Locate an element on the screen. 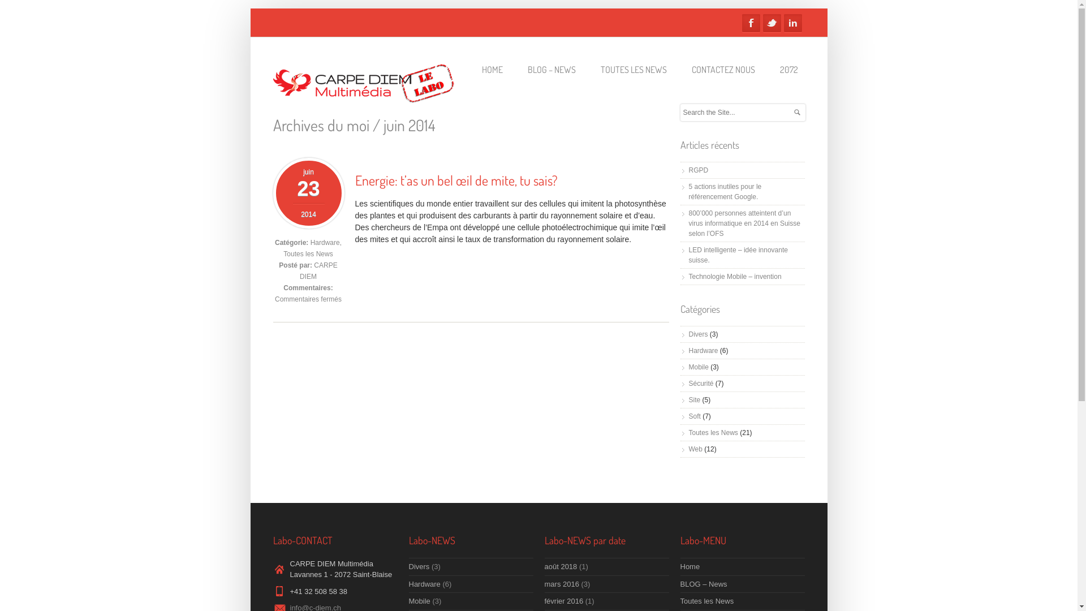 This screenshot has width=1086, height=611. 'Soft' is located at coordinates (694, 416).